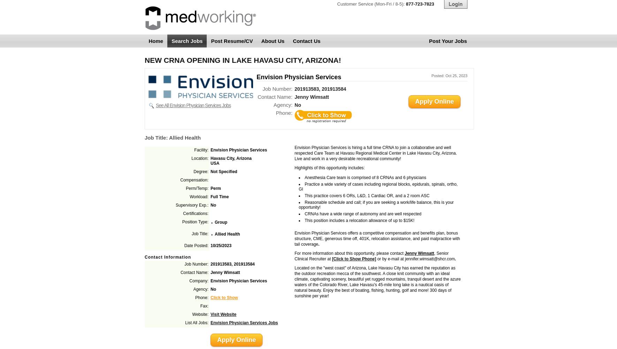 The width and height of the screenshot is (617, 349). I want to click on 'Full Time', so click(219, 196).